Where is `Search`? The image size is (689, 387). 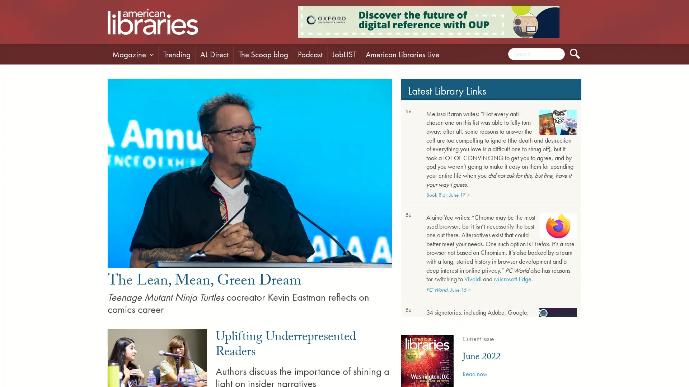
Search is located at coordinates (575, 53).